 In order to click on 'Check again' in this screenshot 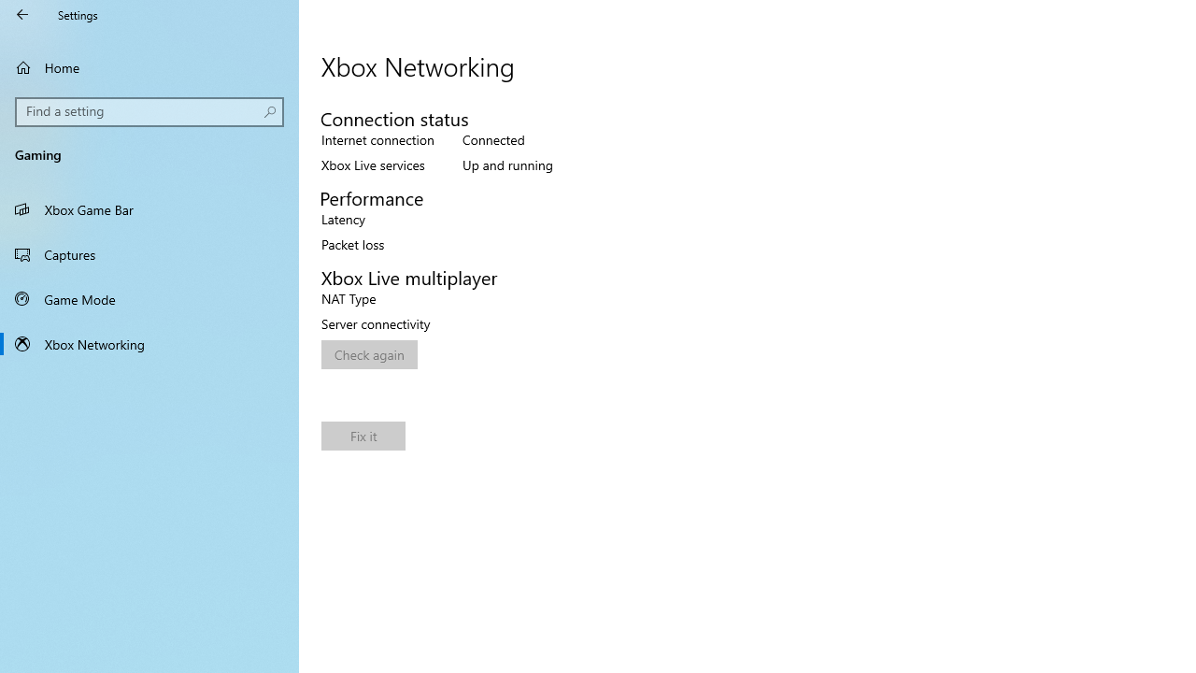, I will do `click(369, 354)`.